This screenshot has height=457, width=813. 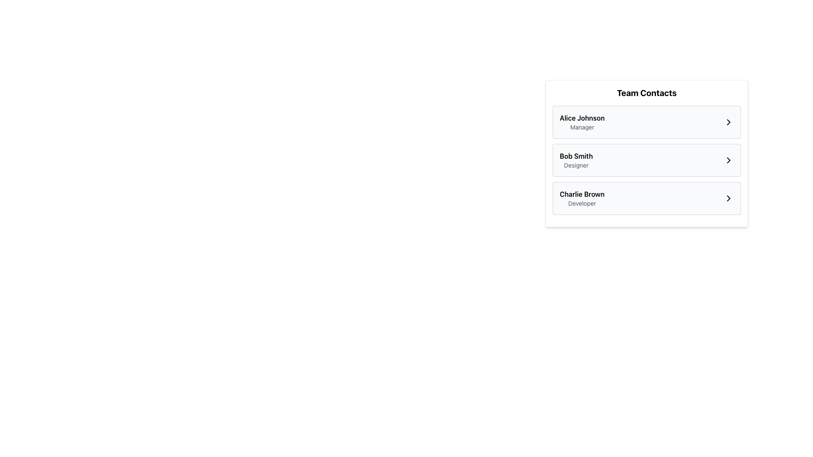 I want to click on the second card in the 'Team Contacts' list representing contact information for 'Bob Smith', so click(x=646, y=160).